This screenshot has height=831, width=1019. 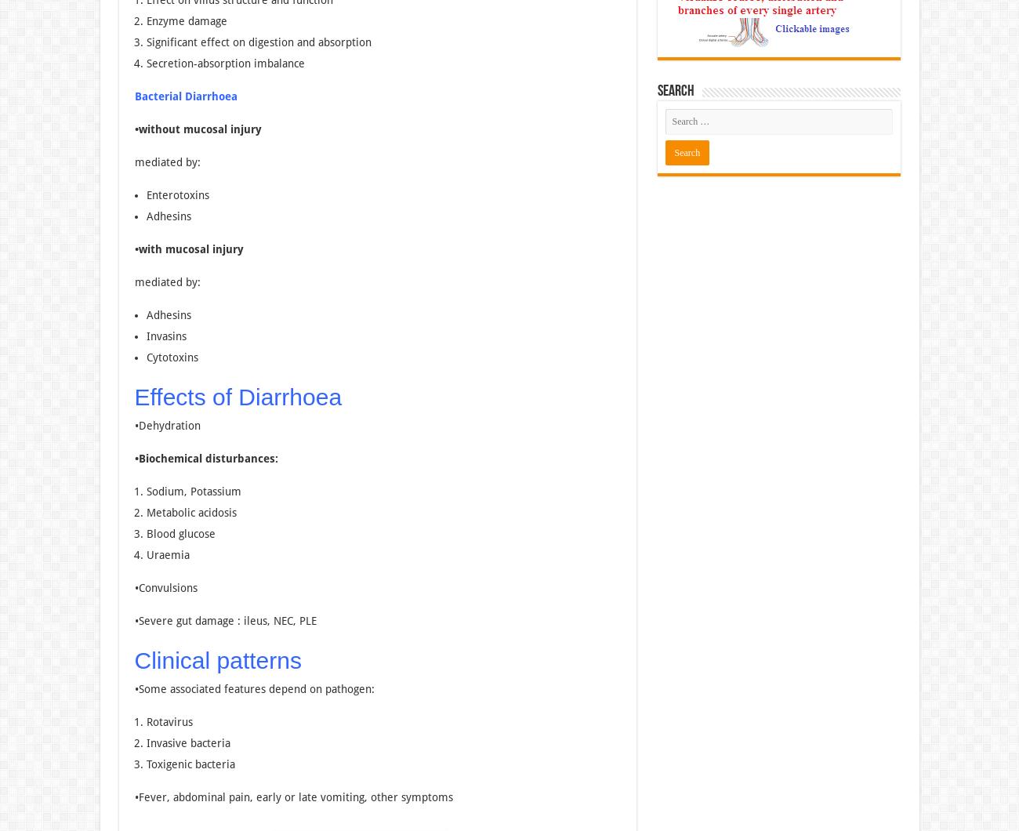 I want to click on 'Invasins', so click(x=165, y=335).